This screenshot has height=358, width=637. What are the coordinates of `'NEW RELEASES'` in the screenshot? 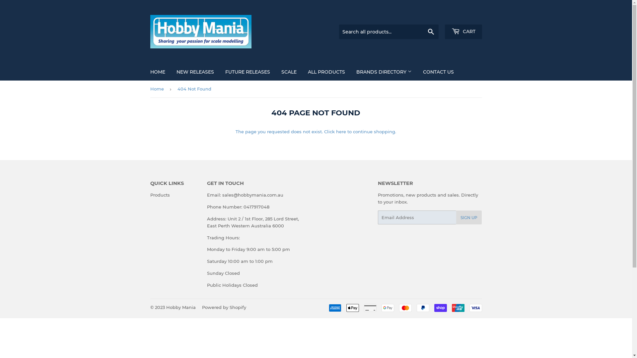 It's located at (194, 72).